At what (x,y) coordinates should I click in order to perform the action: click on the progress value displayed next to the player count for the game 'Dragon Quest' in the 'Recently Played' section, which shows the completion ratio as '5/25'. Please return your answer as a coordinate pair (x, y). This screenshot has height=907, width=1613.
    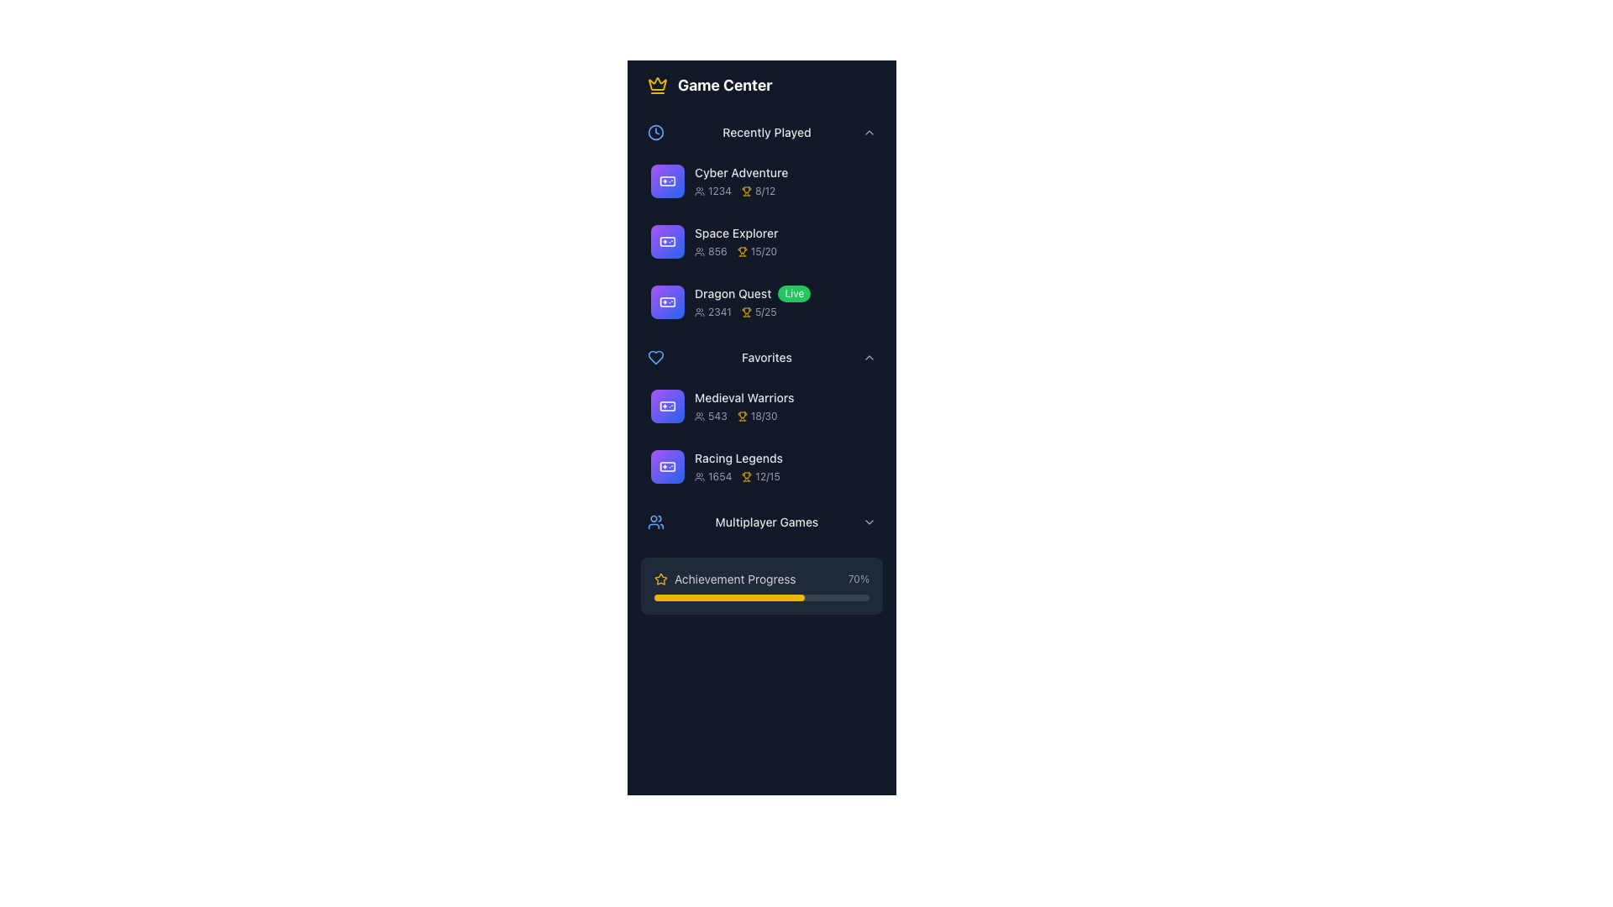
    Looking at the image, I should click on (758, 312).